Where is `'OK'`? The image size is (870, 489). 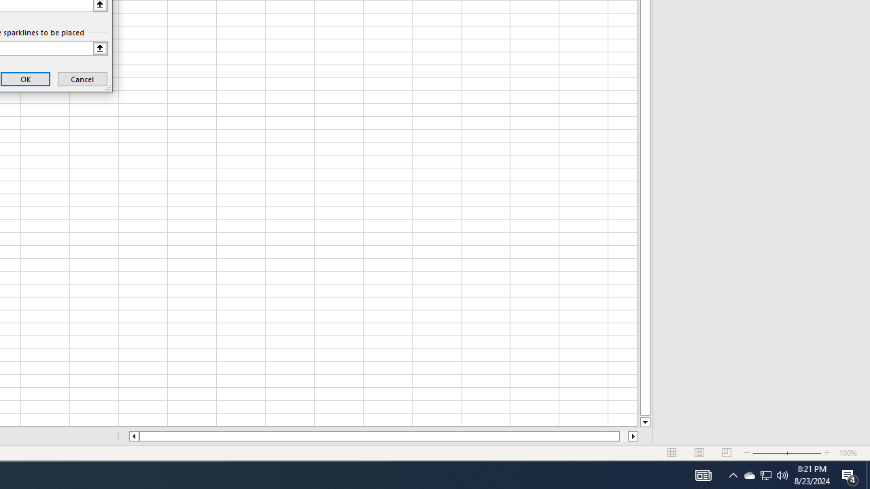 'OK' is located at coordinates (25, 79).